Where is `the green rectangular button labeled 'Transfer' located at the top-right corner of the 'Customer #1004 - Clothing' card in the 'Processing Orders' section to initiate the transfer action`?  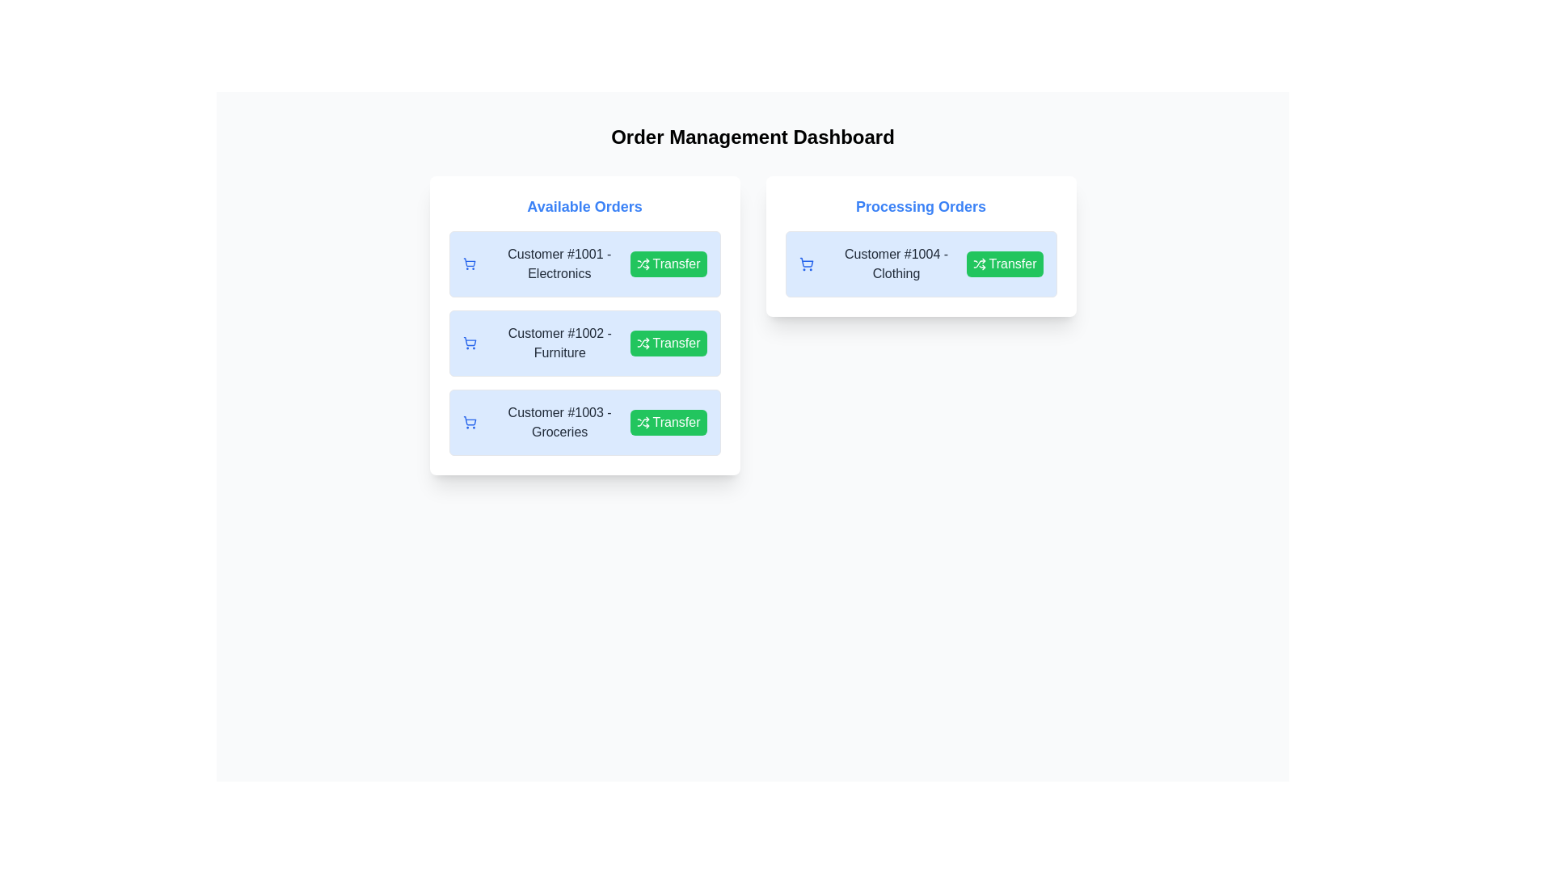 the green rectangular button labeled 'Transfer' located at the top-right corner of the 'Customer #1004 - Clothing' card in the 'Processing Orders' section to initiate the transfer action is located at coordinates (1004, 264).